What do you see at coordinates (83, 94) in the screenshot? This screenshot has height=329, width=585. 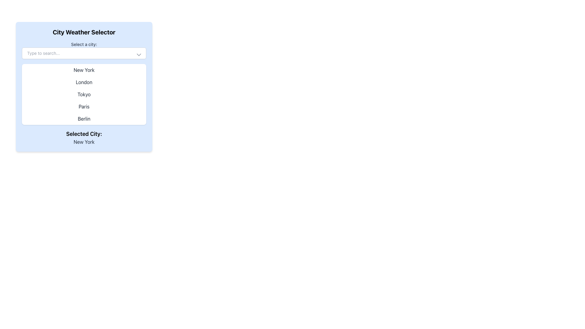 I see `the city name in the Dropdown Menu with clickable items` at bounding box center [83, 94].